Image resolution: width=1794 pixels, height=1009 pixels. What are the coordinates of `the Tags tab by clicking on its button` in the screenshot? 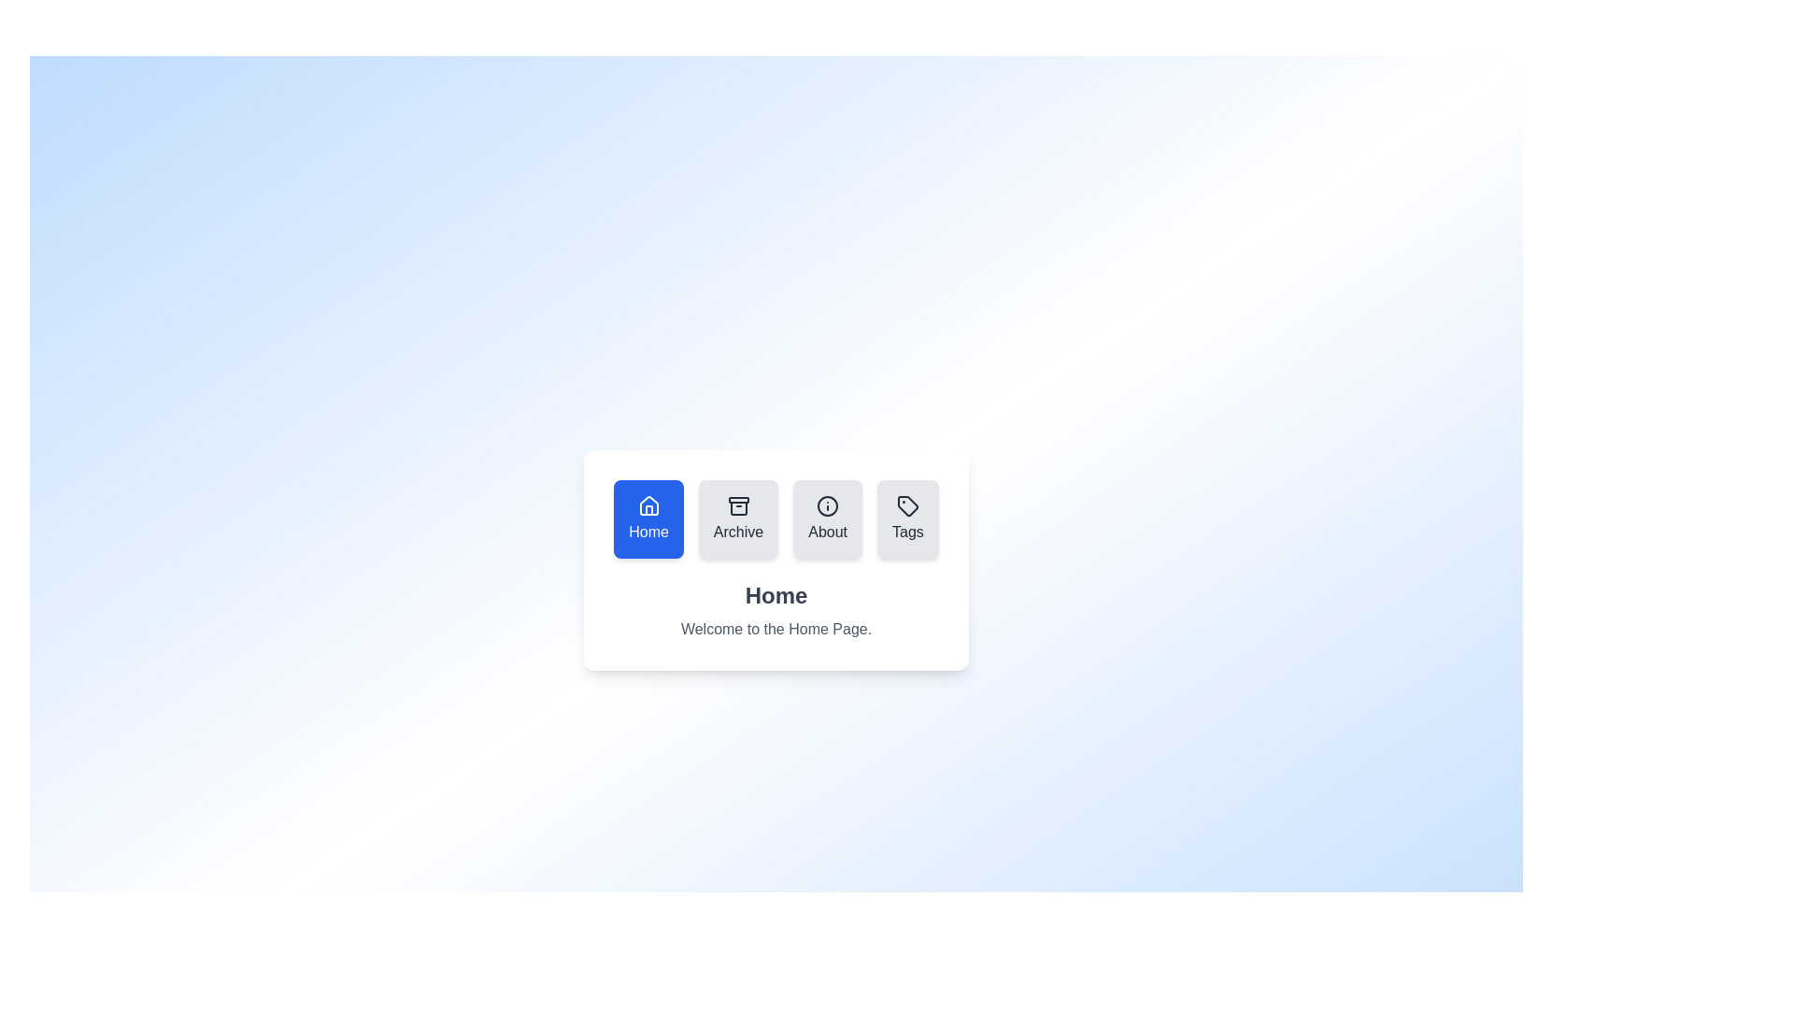 It's located at (907, 519).